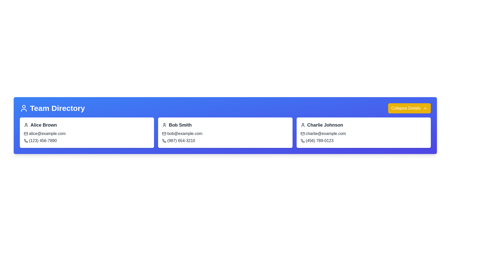 This screenshot has width=488, height=274. What do you see at coordinates (25, 133) in the screenshot?
I see `the rectangle component of the SVG graphic, which represents an envelope icon next` at bounding box center [25, 133].